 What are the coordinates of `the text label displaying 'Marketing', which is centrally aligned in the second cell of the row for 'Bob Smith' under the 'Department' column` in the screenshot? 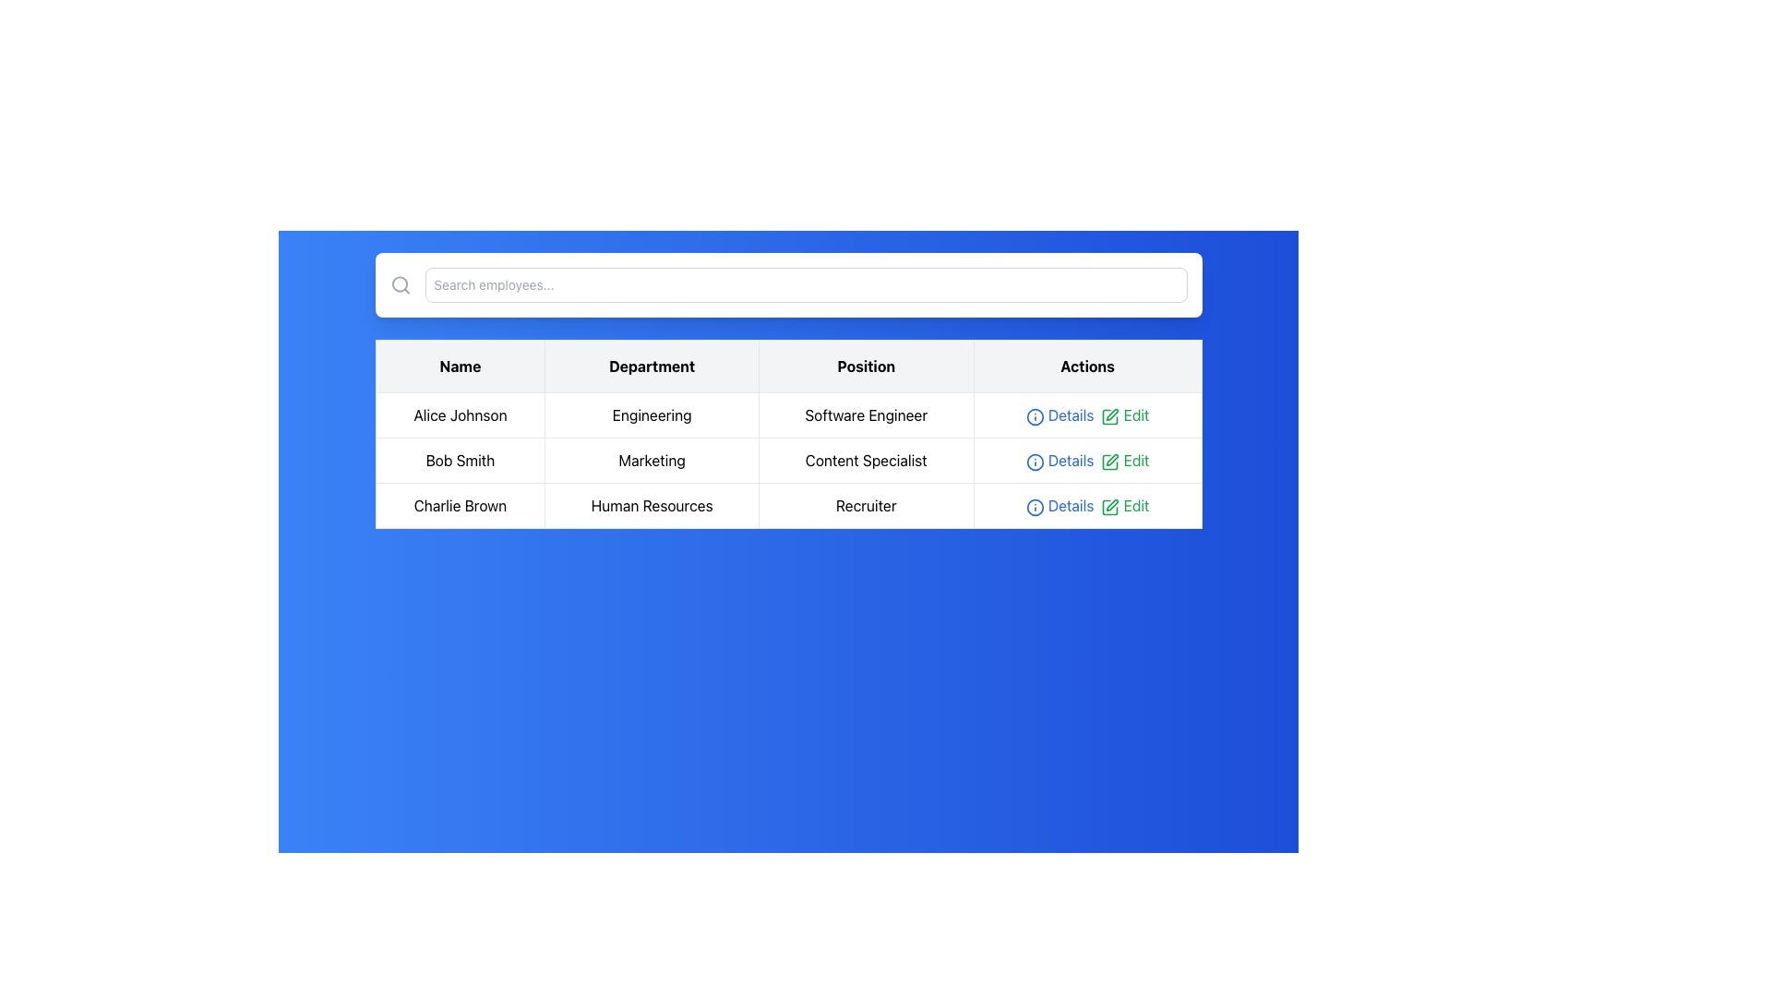 It's located at (652, 459).